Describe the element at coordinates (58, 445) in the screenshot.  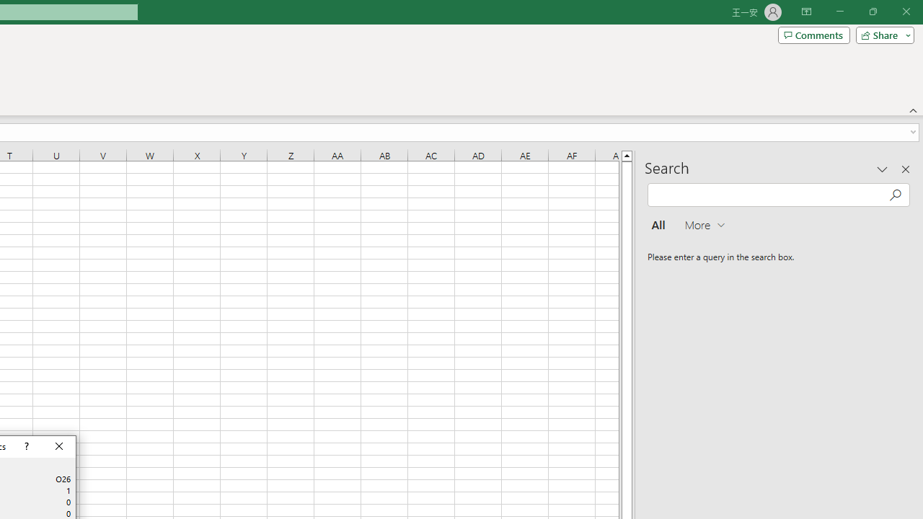
I see `'Close'` at that location.